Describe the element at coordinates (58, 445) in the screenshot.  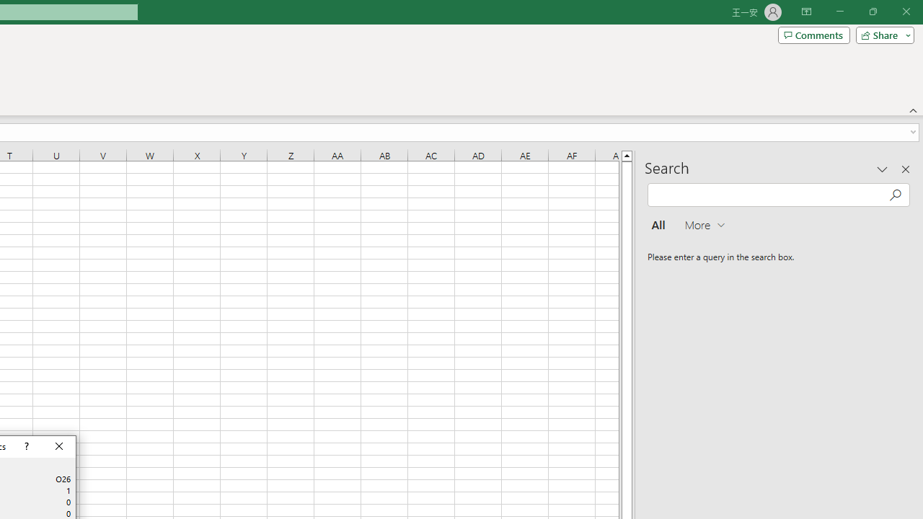
I see `'Close'` at that location.